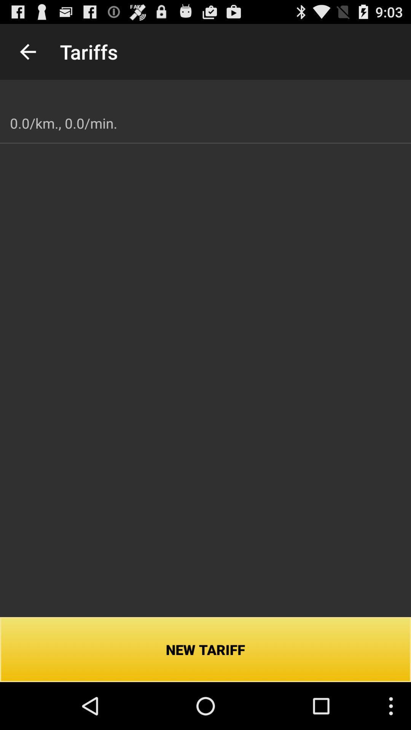  What do you see at coordinates (27, 51) in the screenshot?
I see `the icon next to the tariffs` at bounding box center [27, 51].